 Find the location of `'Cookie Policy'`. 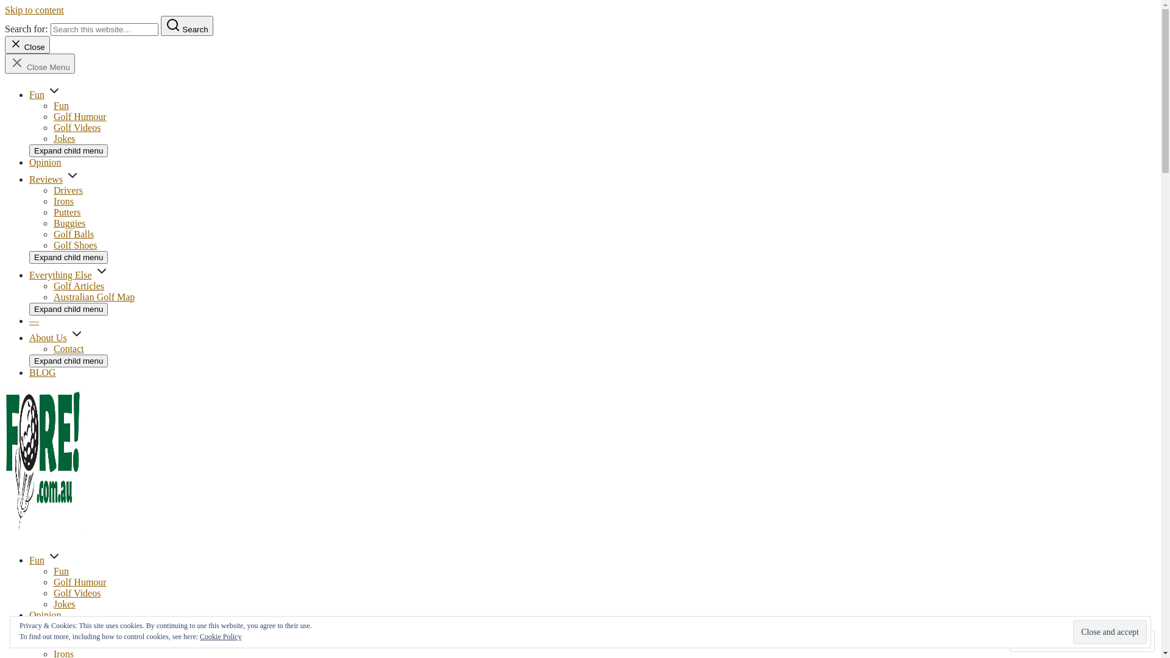

'Cookie Policy' is located at coordinates (220, 636).